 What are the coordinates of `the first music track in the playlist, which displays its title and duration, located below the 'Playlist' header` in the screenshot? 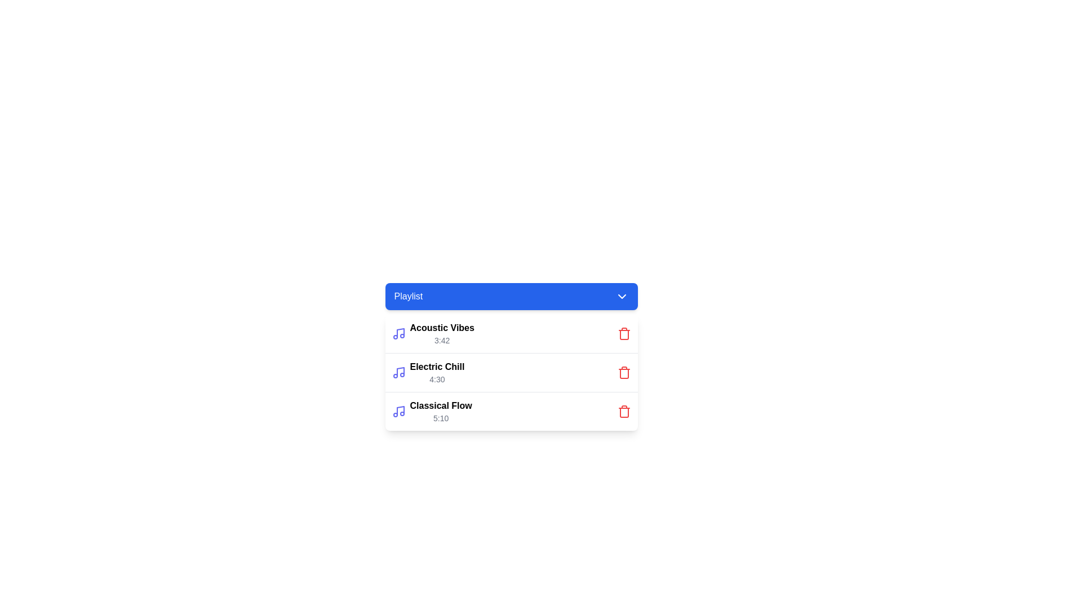 It's located at (441, 333).